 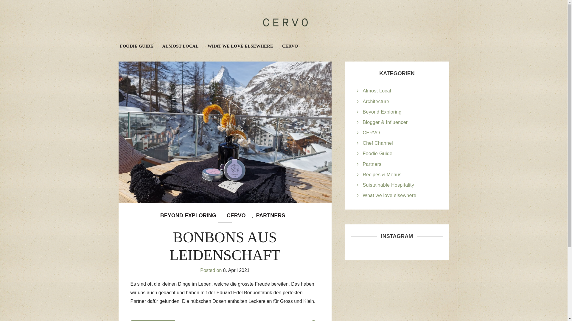 What do you see at coordinates (376, 101) in the screenshot?
I see `'Architecture'` at bounding box center [376, 101].